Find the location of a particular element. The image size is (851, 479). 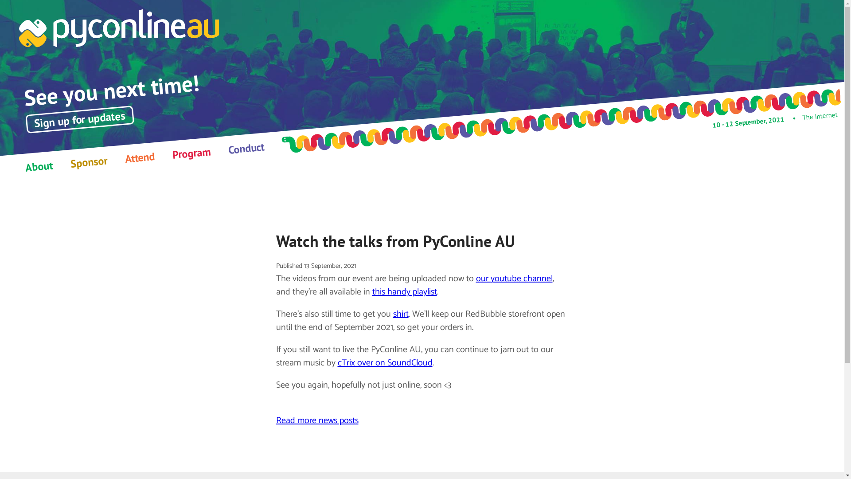

'Attend' is located at coordinates (124, 156).